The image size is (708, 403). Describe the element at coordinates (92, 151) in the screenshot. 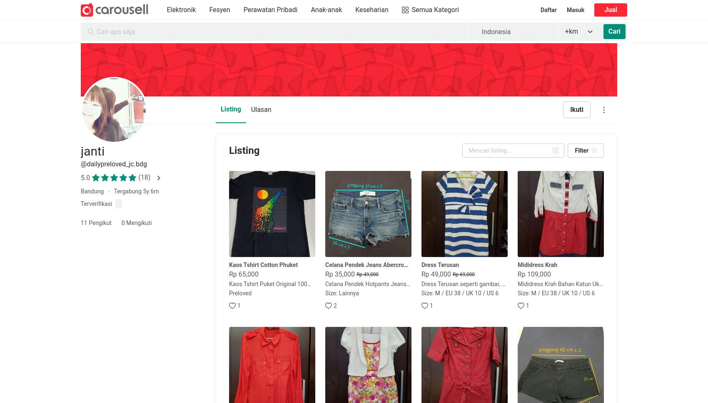

I see `'janti'` at that location.